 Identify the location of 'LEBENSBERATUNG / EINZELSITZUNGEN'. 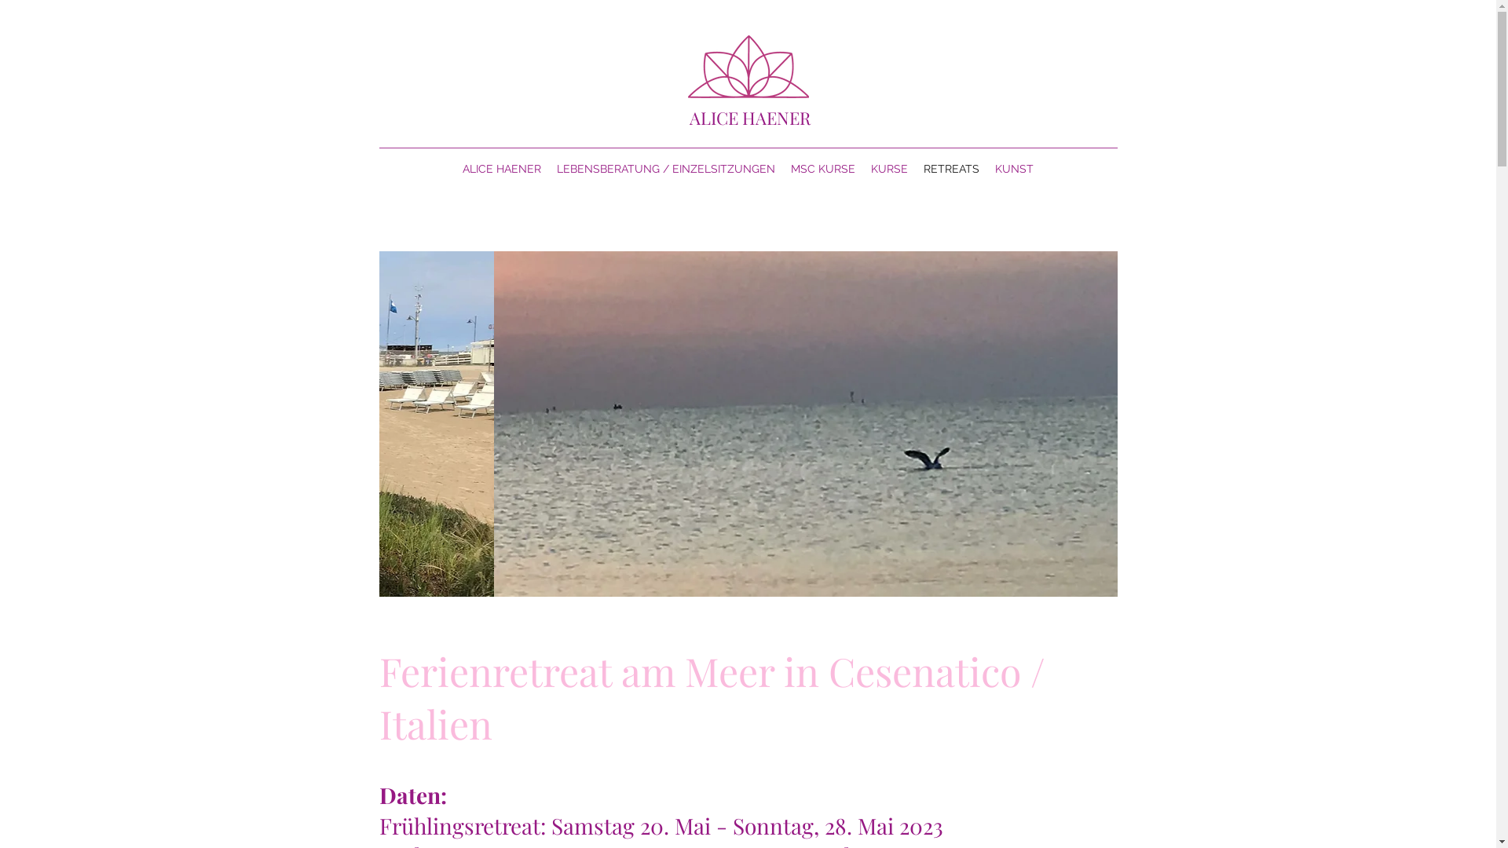
(666, 169).